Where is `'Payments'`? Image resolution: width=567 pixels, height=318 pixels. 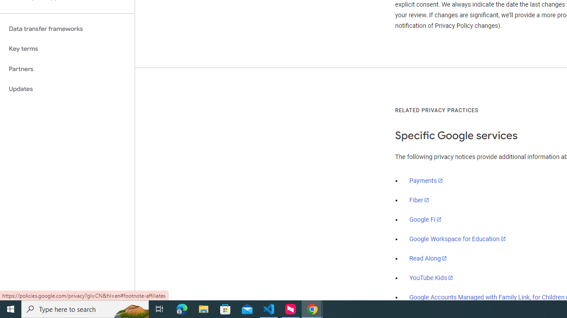
'Payments' is located at coordinates (426, 180).